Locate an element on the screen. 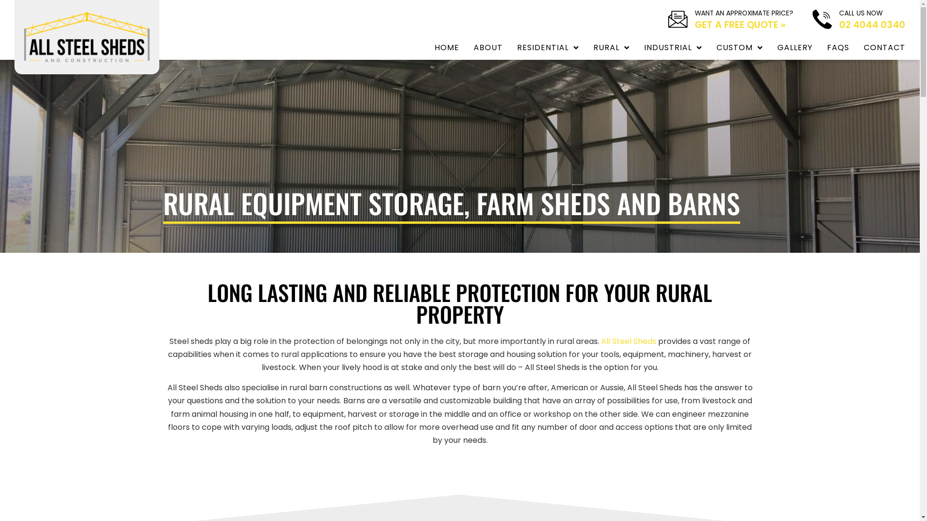 This screenshot has width=927, height=521. 'INDUSTRIAL' is located at coordinates (644, 48).